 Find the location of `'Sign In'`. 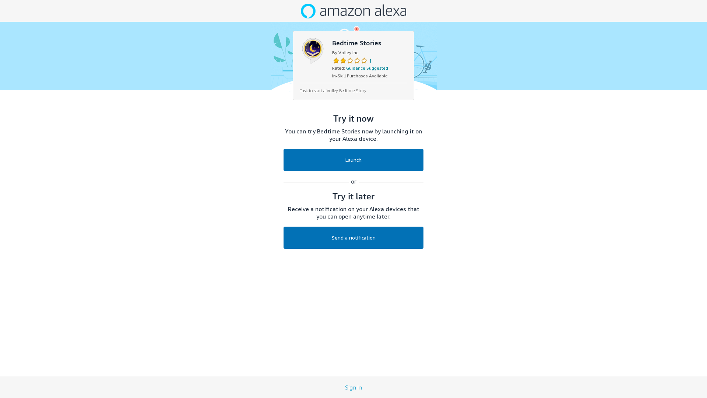

'Sign In' is located at coordinates (344, 386).